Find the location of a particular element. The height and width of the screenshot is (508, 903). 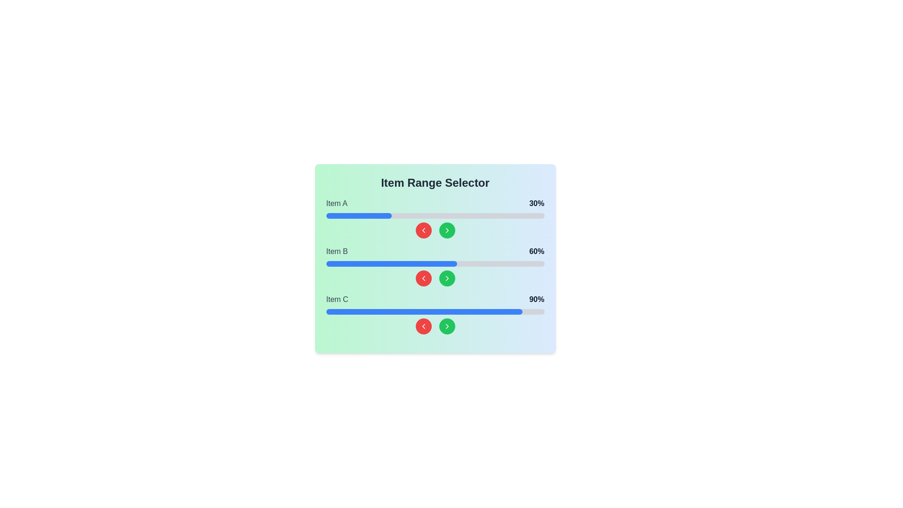

the first circular button in the row of controls, located to the left of the green button, to decrement the value of Item B is located at coordinates (423, 278).